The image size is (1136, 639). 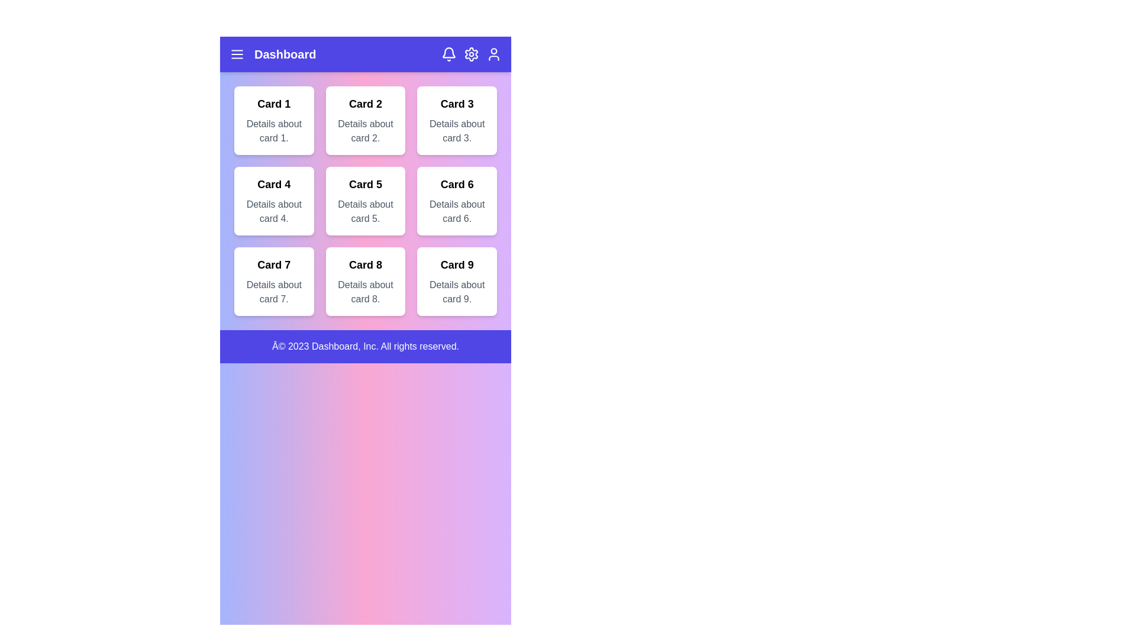 I want to click on the menu button located at the top left corner, so click(x=237, y=54).